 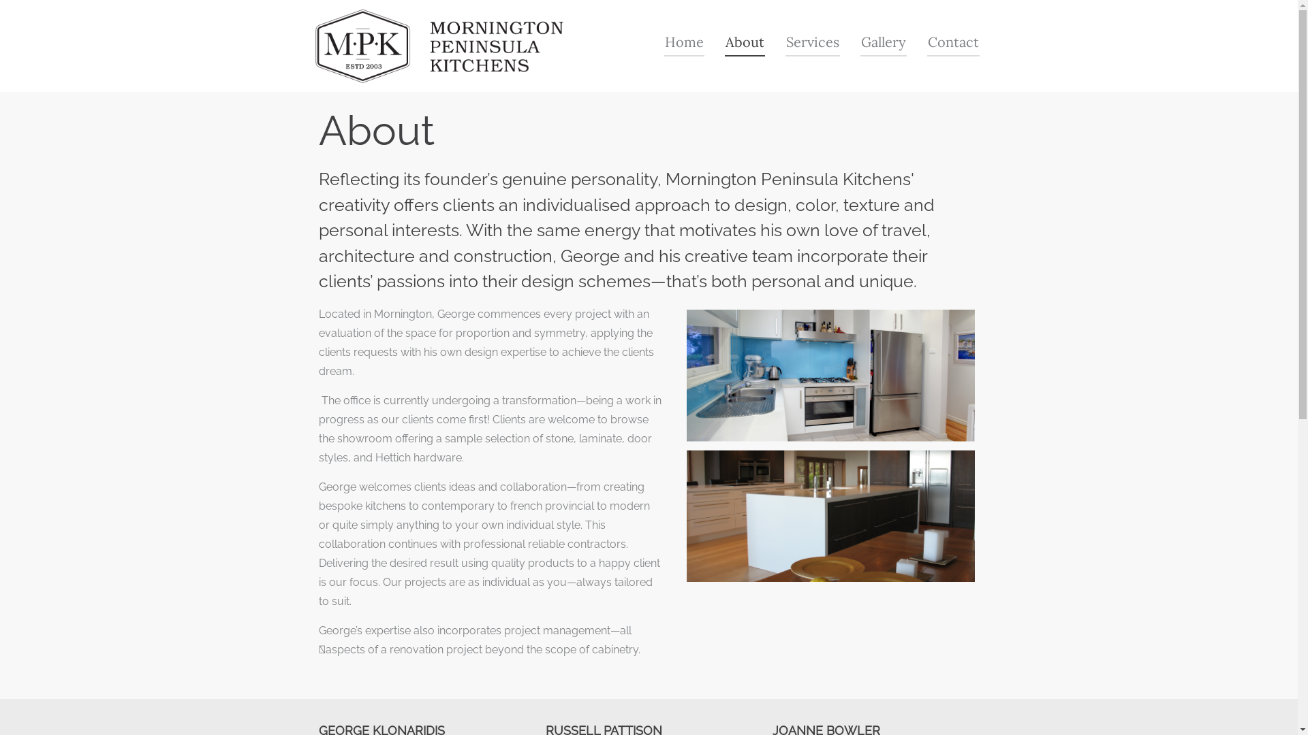 What do you see at coordinates (811, 42) in the screenshot?
I see `'Services'` at bounding box center [811, 42].